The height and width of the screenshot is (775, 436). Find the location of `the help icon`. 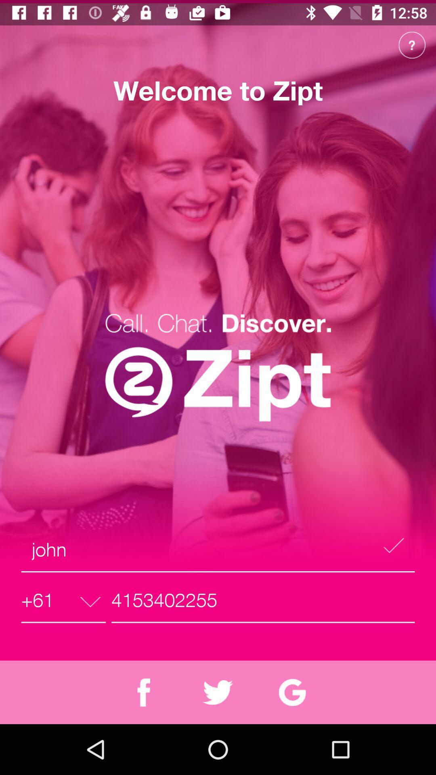

the help icon is located at coordinates (412, 44).